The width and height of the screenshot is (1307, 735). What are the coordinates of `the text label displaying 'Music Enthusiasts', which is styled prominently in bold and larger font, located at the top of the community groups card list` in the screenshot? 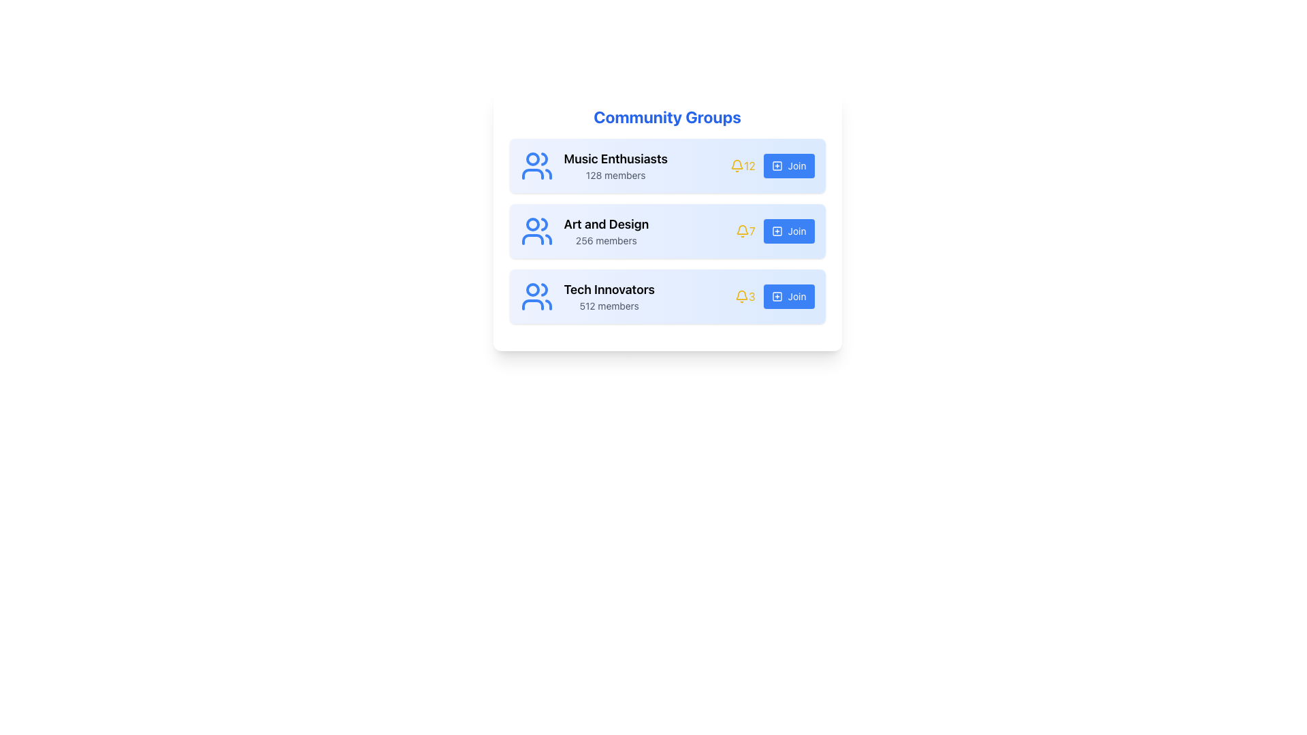 It's located at (615, 159).